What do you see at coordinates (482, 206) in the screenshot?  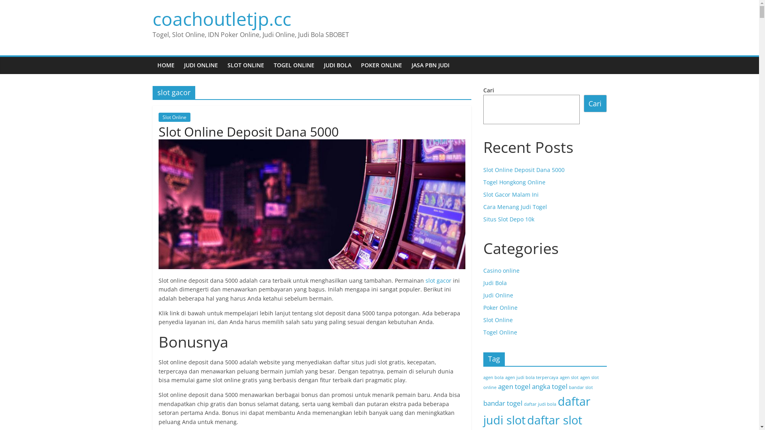 I see `'Cara Menang Judi Togel'` at bounding box center [482, 206].